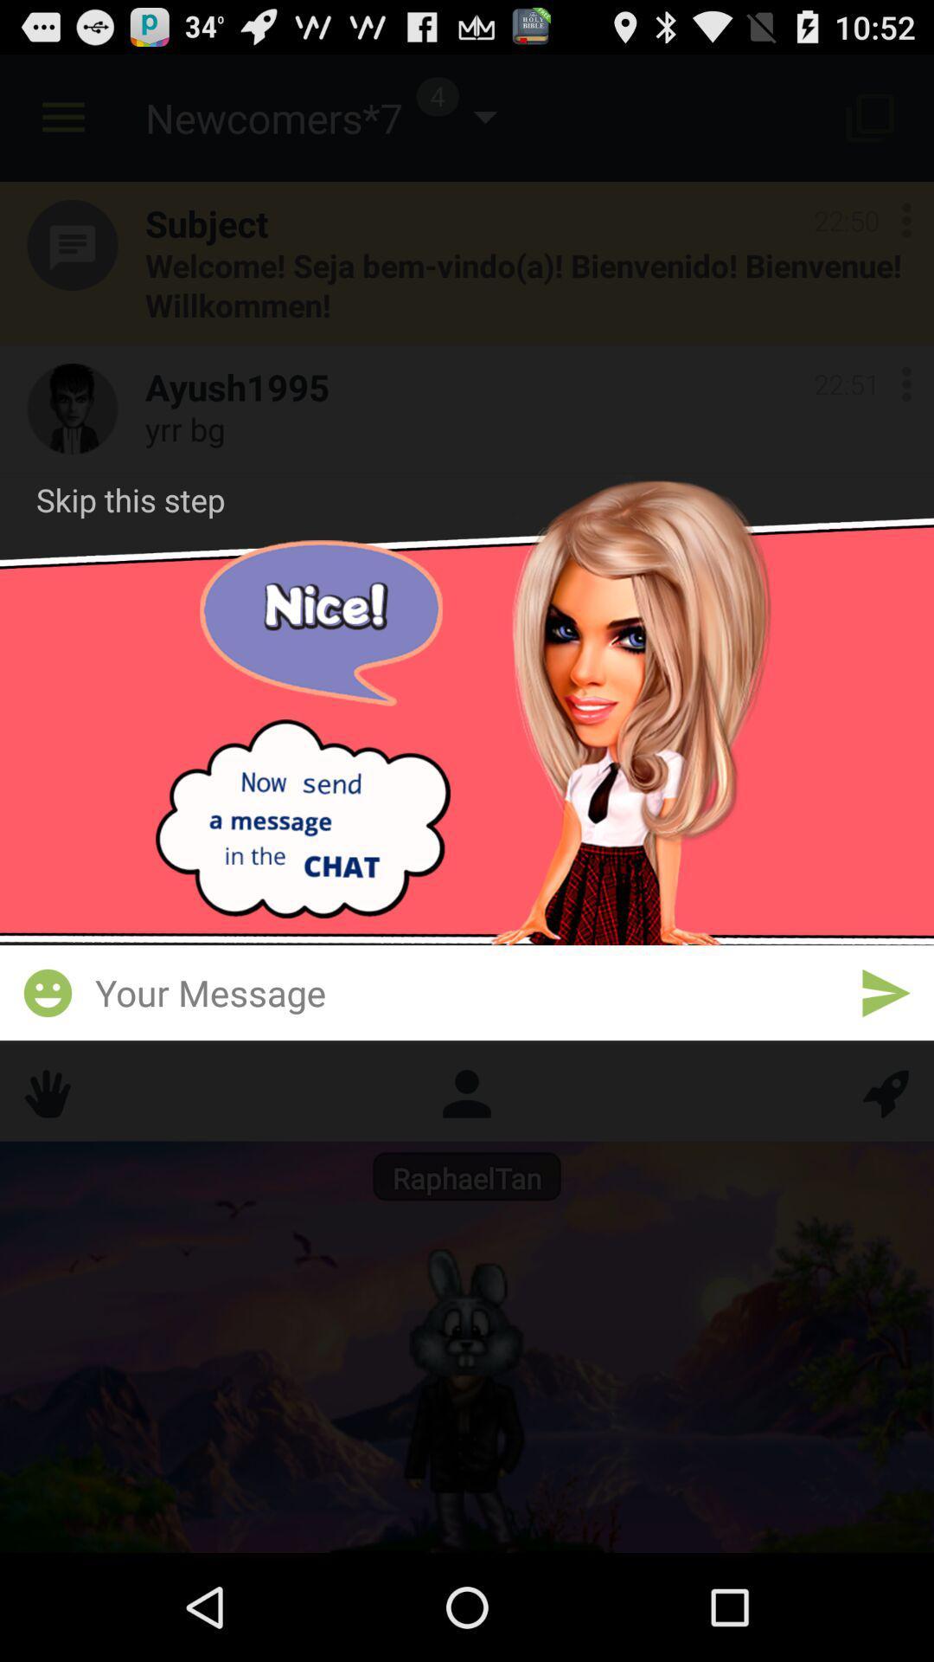  Describe the element at coordinates (467, 992) in the screenshot. I see `type your message here` at that location.